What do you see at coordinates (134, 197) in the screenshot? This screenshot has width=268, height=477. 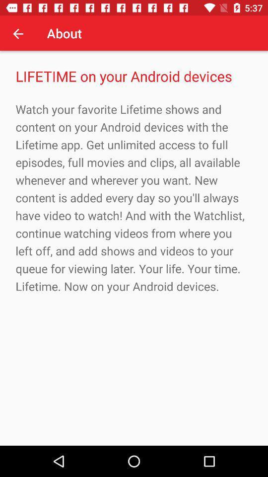 I see `watch your favorite` at bounding box center [134, 197].